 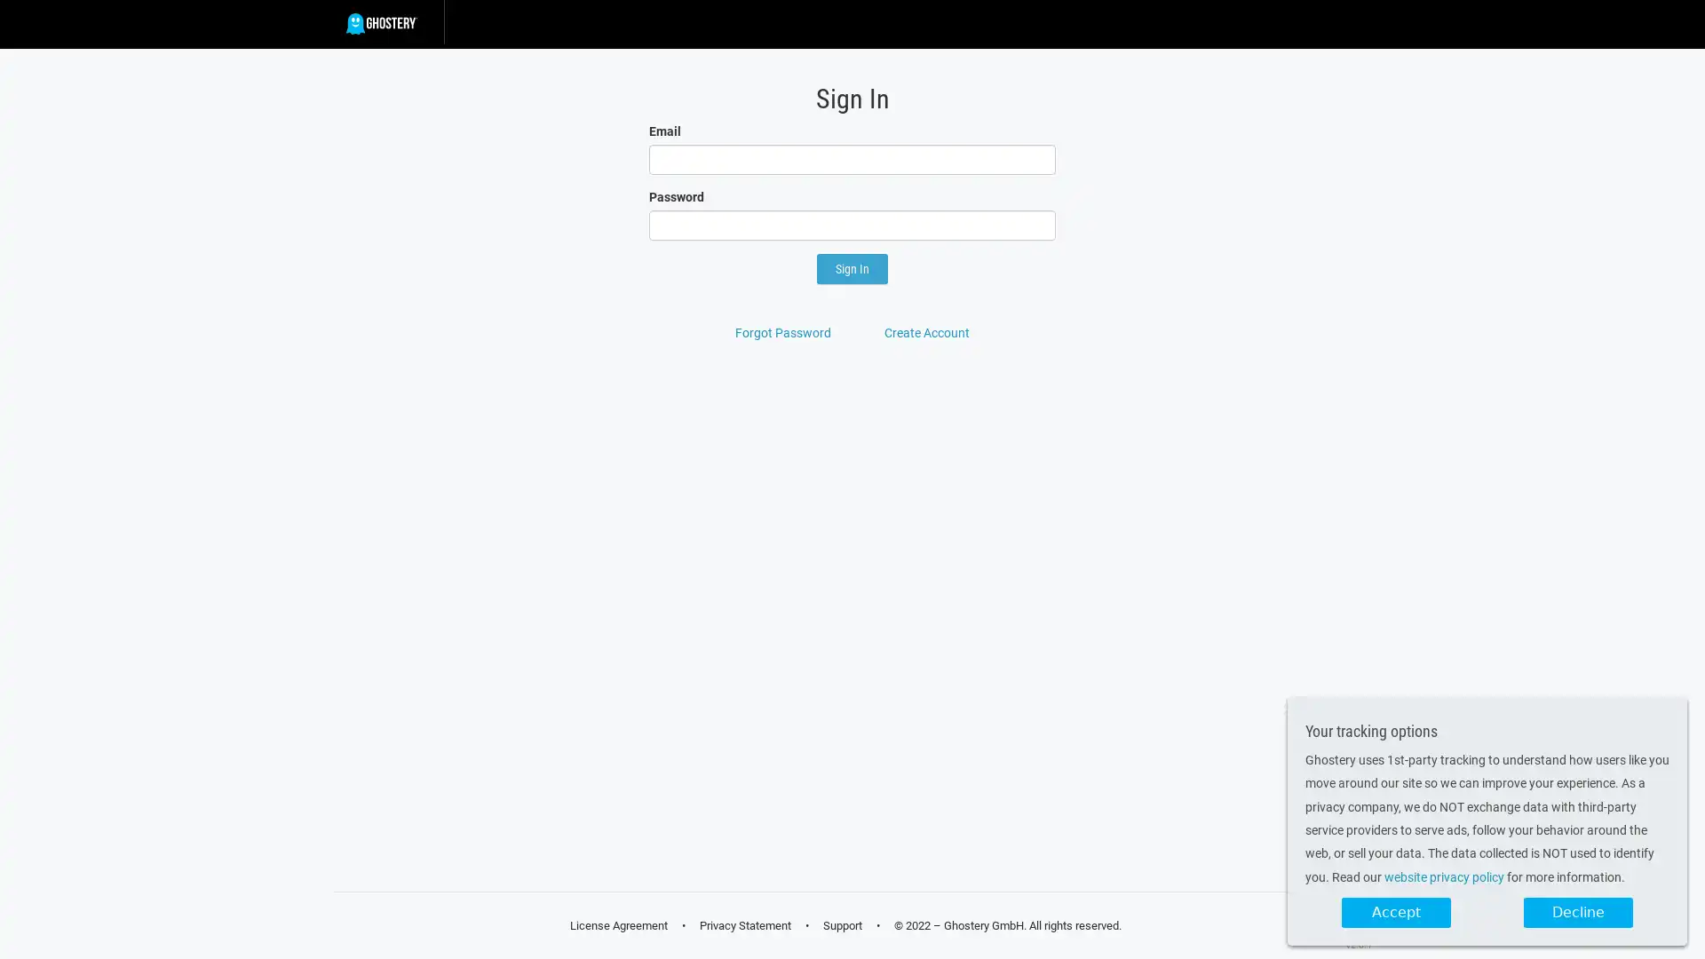 I want to click on Decline, so click(x=1578, y=913).